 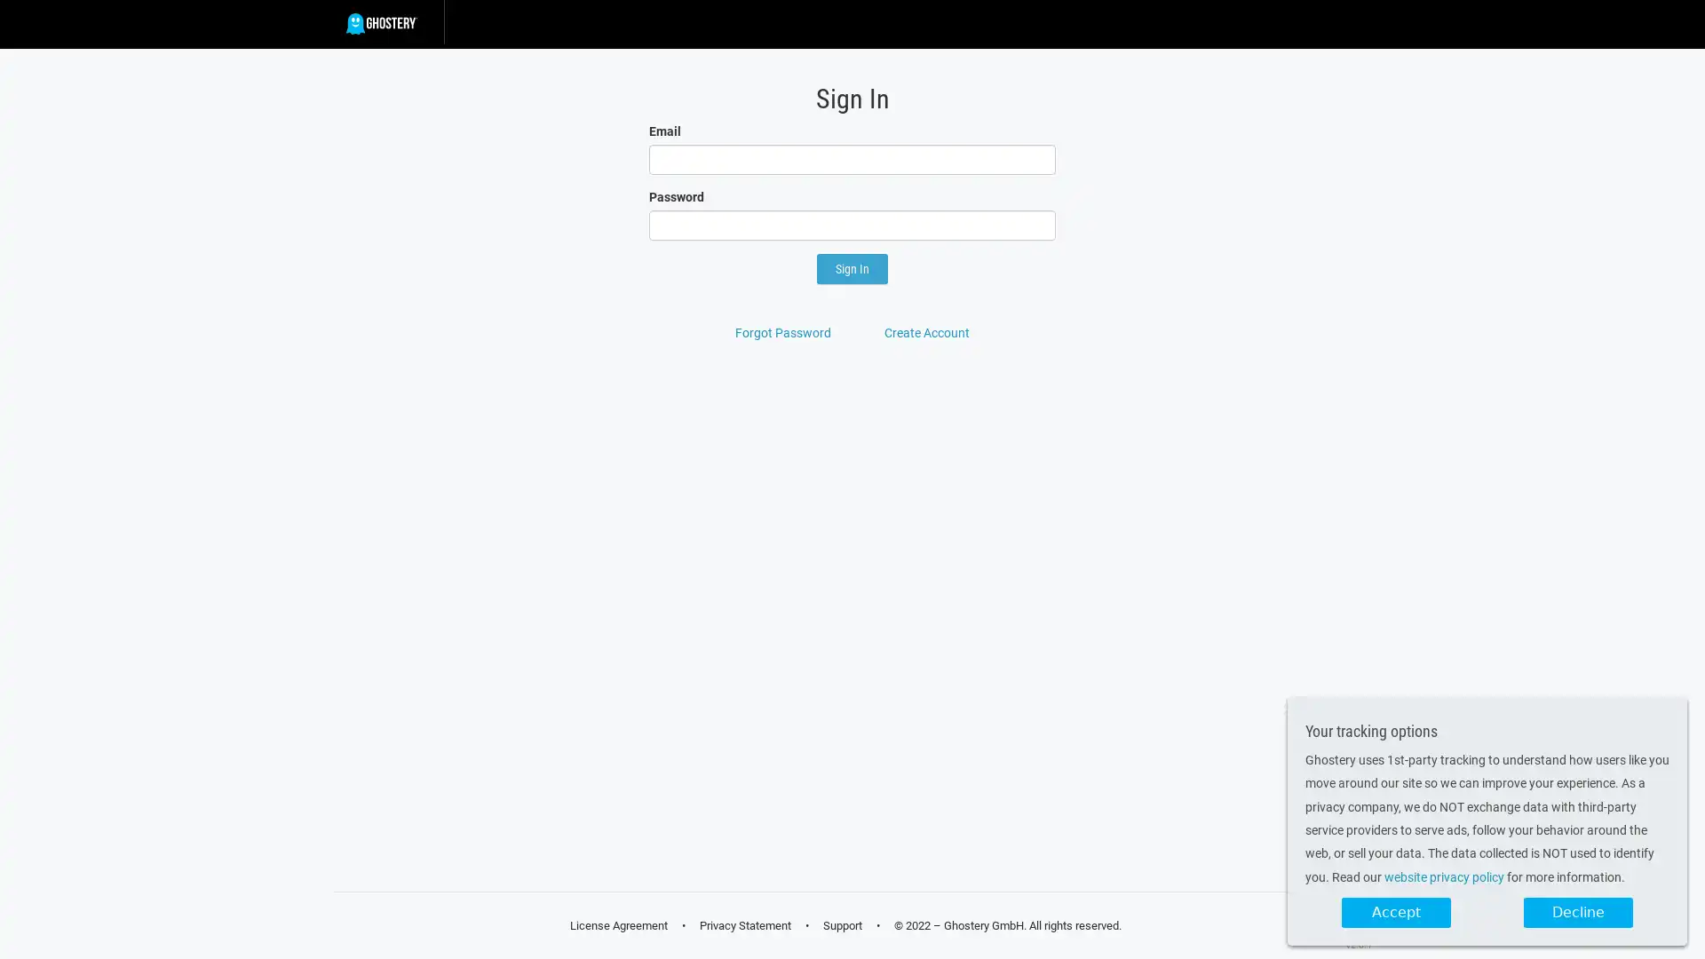 I want to click on Decline, so click(x=1578, y=913).